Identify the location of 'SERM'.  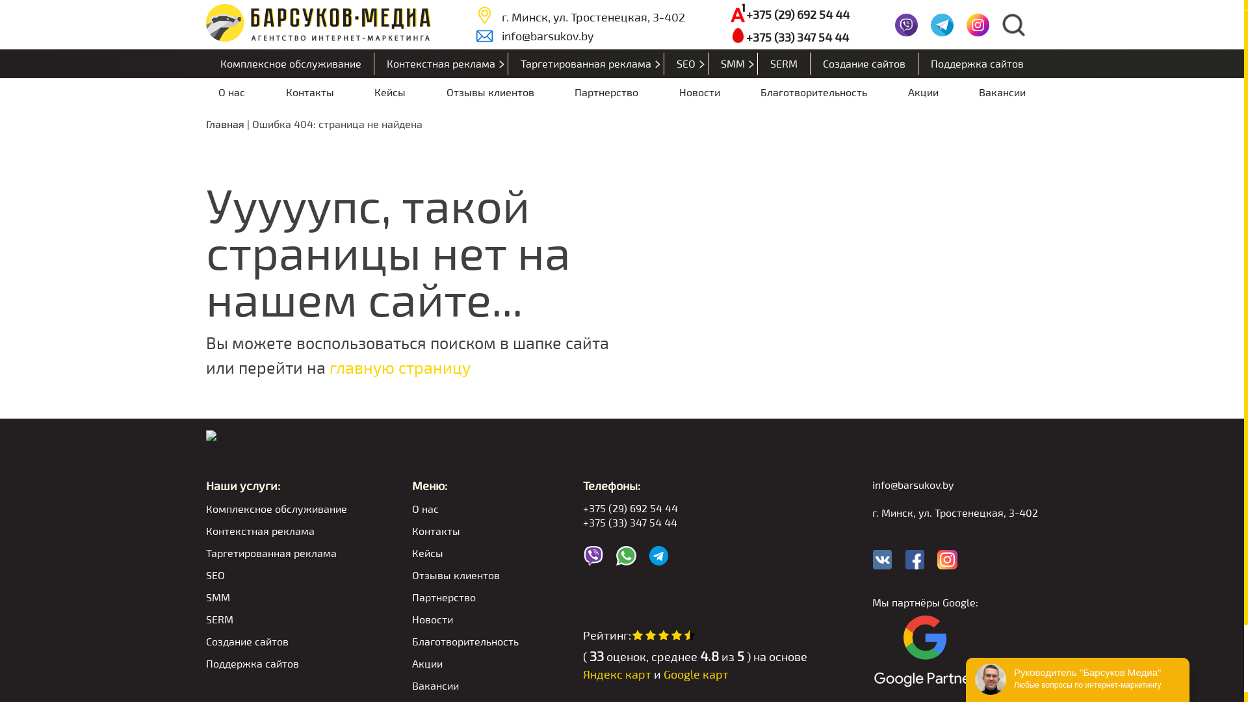
(783, 63).